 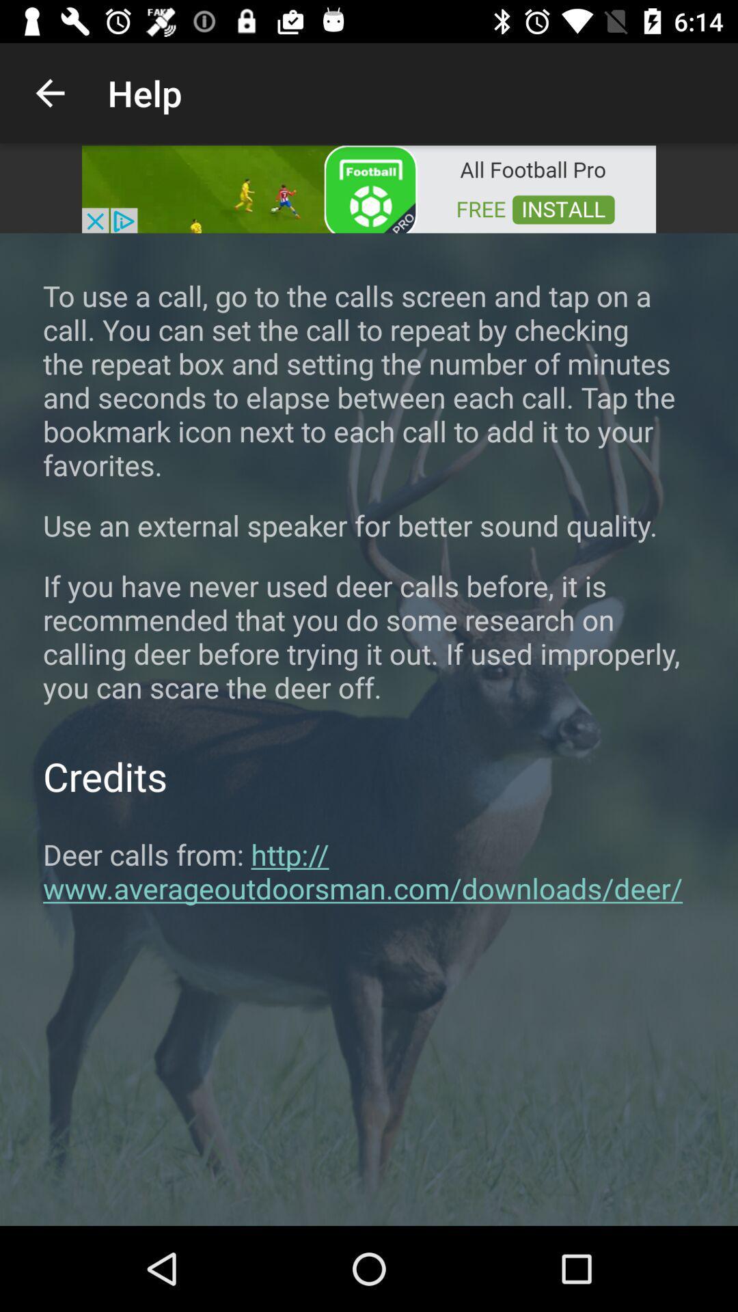 What do you see at coordinates (369, 187) in the screenshot?
I see `advertisement page` at bounding box center [369, 187].